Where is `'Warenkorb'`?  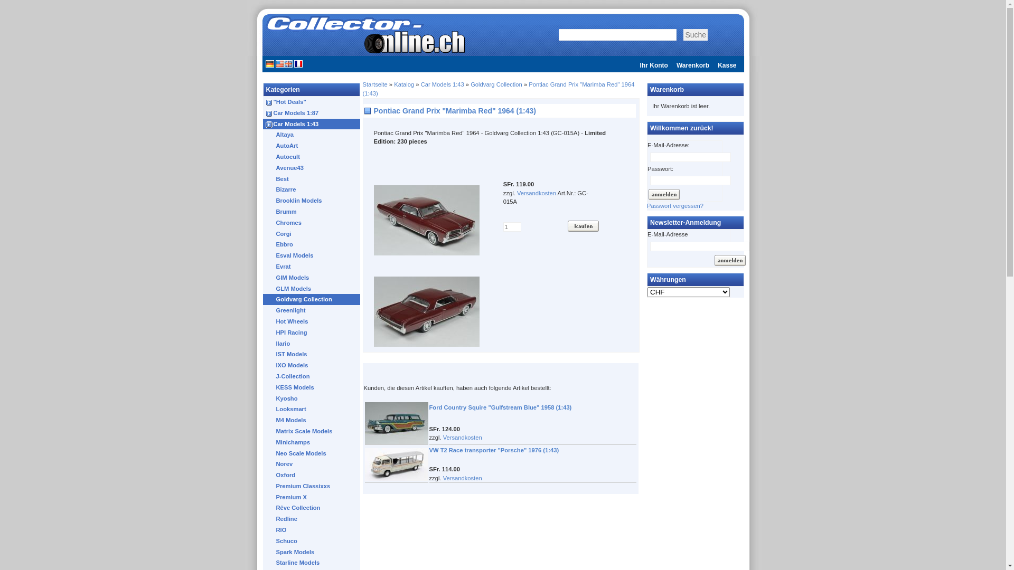
'Warenkorb' is located at coordinates (692, 65).